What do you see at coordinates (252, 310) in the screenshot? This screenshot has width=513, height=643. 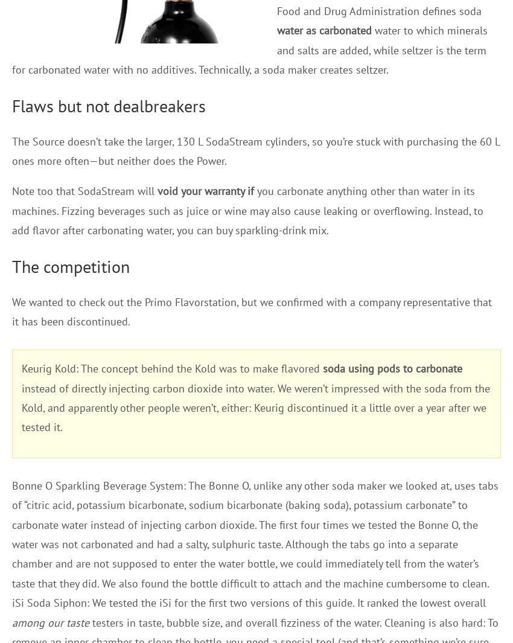 I see `'We wanted to check out the Primo Flavorstation, but we confirmed with a company representative that it has been discontinued.'` at bounding box center [252, 310].